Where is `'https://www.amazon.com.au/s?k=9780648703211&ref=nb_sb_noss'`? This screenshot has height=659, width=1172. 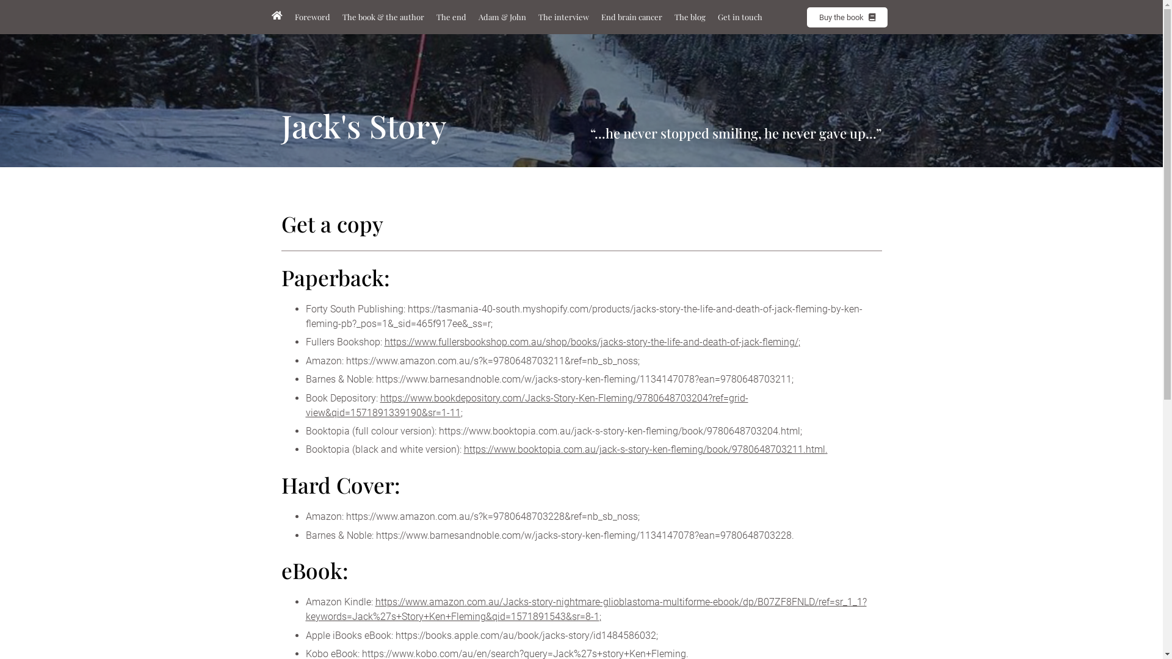
'https://www.amazon.com.au/s?k=9780648703211&ref=nb_sb_noss' is located at coordinates (491, 360).